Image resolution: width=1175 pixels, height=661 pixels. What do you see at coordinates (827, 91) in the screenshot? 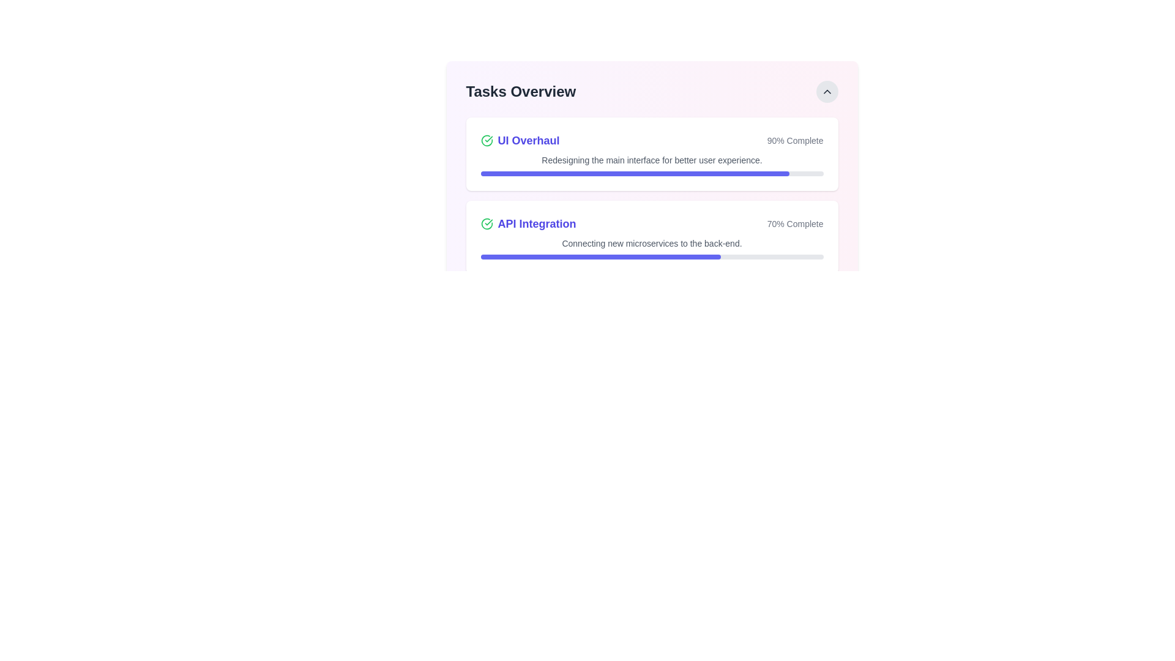
I see `the chevron button in the upper-right corner of the 'Tasks Overview' card` at bounding box center [827, 91].